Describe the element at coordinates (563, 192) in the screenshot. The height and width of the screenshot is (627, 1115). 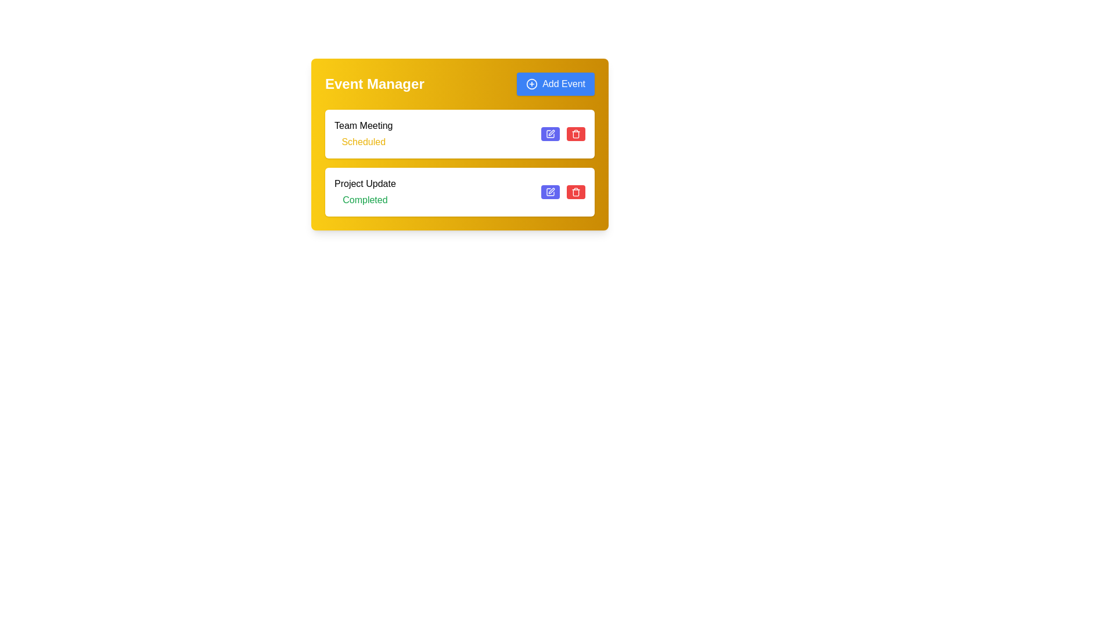
I see `the red trash icon button in the Horizontal action button pair` at that location.